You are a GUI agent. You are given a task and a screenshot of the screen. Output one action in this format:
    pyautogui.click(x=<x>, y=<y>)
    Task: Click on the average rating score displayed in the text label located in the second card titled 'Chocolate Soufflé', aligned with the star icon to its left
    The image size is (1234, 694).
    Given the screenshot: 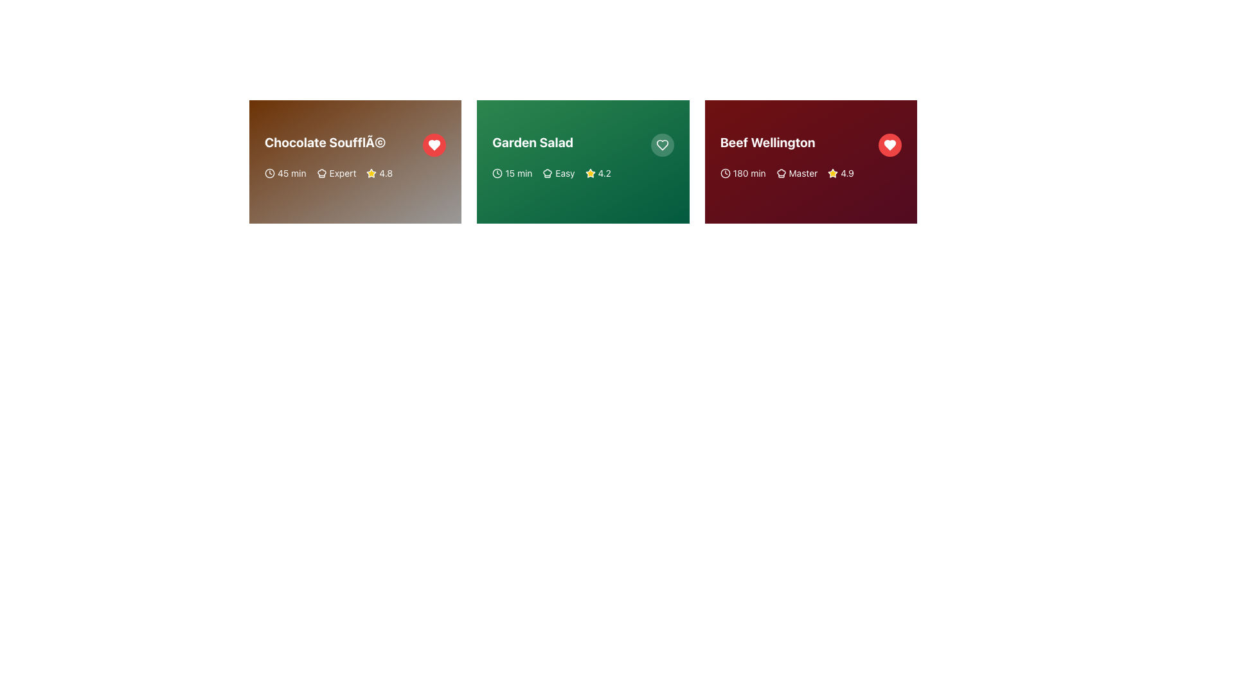 What is the action you would take?
    pyautogui.click(x=385, y=173)
    